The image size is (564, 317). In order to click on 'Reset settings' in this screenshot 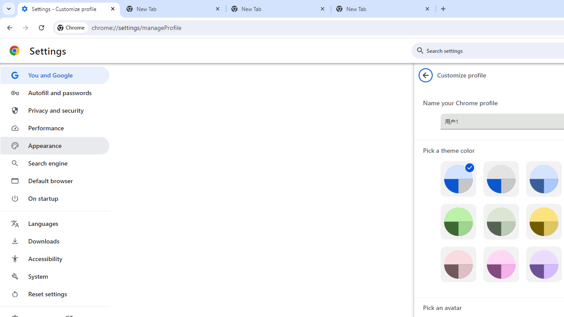, I will do `click(54, 294)`.